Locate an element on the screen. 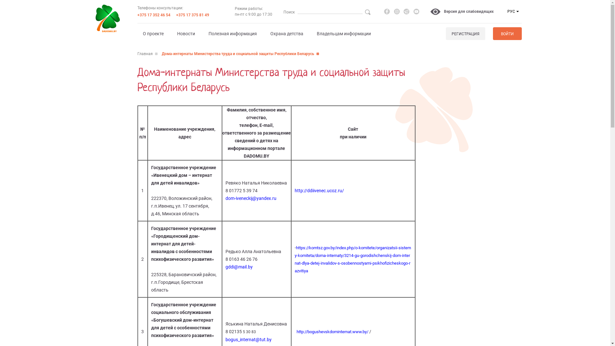 Image resolution: width=615 pixels, height=346 pixels. 'http://bogushevskdominternat.www.by/' is located at coordinates (296, 332).